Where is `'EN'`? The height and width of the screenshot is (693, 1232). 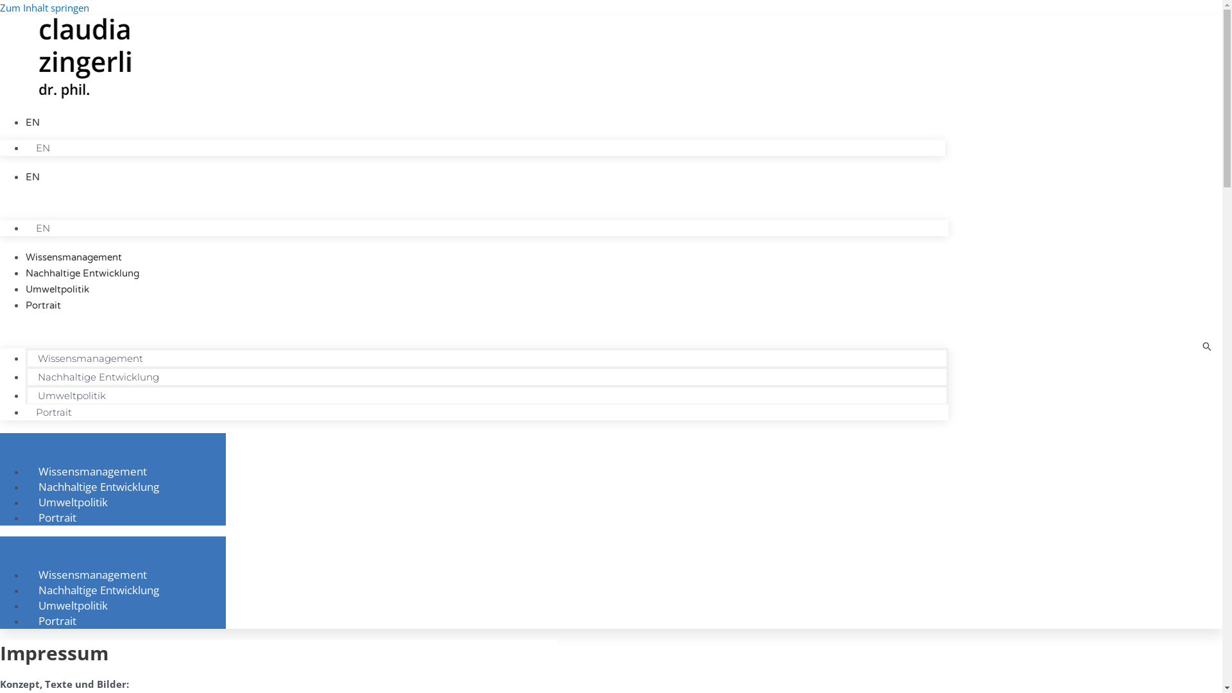 'EN' is located at coordinates (43, 227).